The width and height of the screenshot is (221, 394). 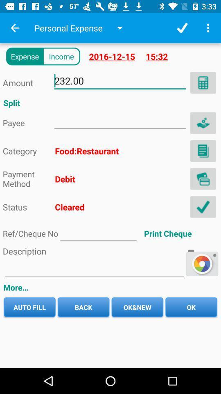 What do you see at coordinates (203, 179) in the screenshot?
I see `debit card image` at bounding box center [203, 179].